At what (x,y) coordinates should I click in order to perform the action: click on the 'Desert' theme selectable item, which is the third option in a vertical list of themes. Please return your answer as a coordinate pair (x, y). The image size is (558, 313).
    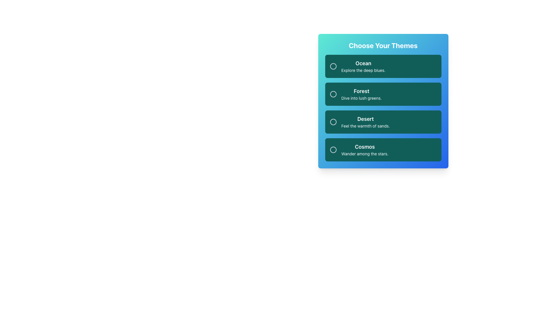
    Looking at the image, I should click on (383, 121).